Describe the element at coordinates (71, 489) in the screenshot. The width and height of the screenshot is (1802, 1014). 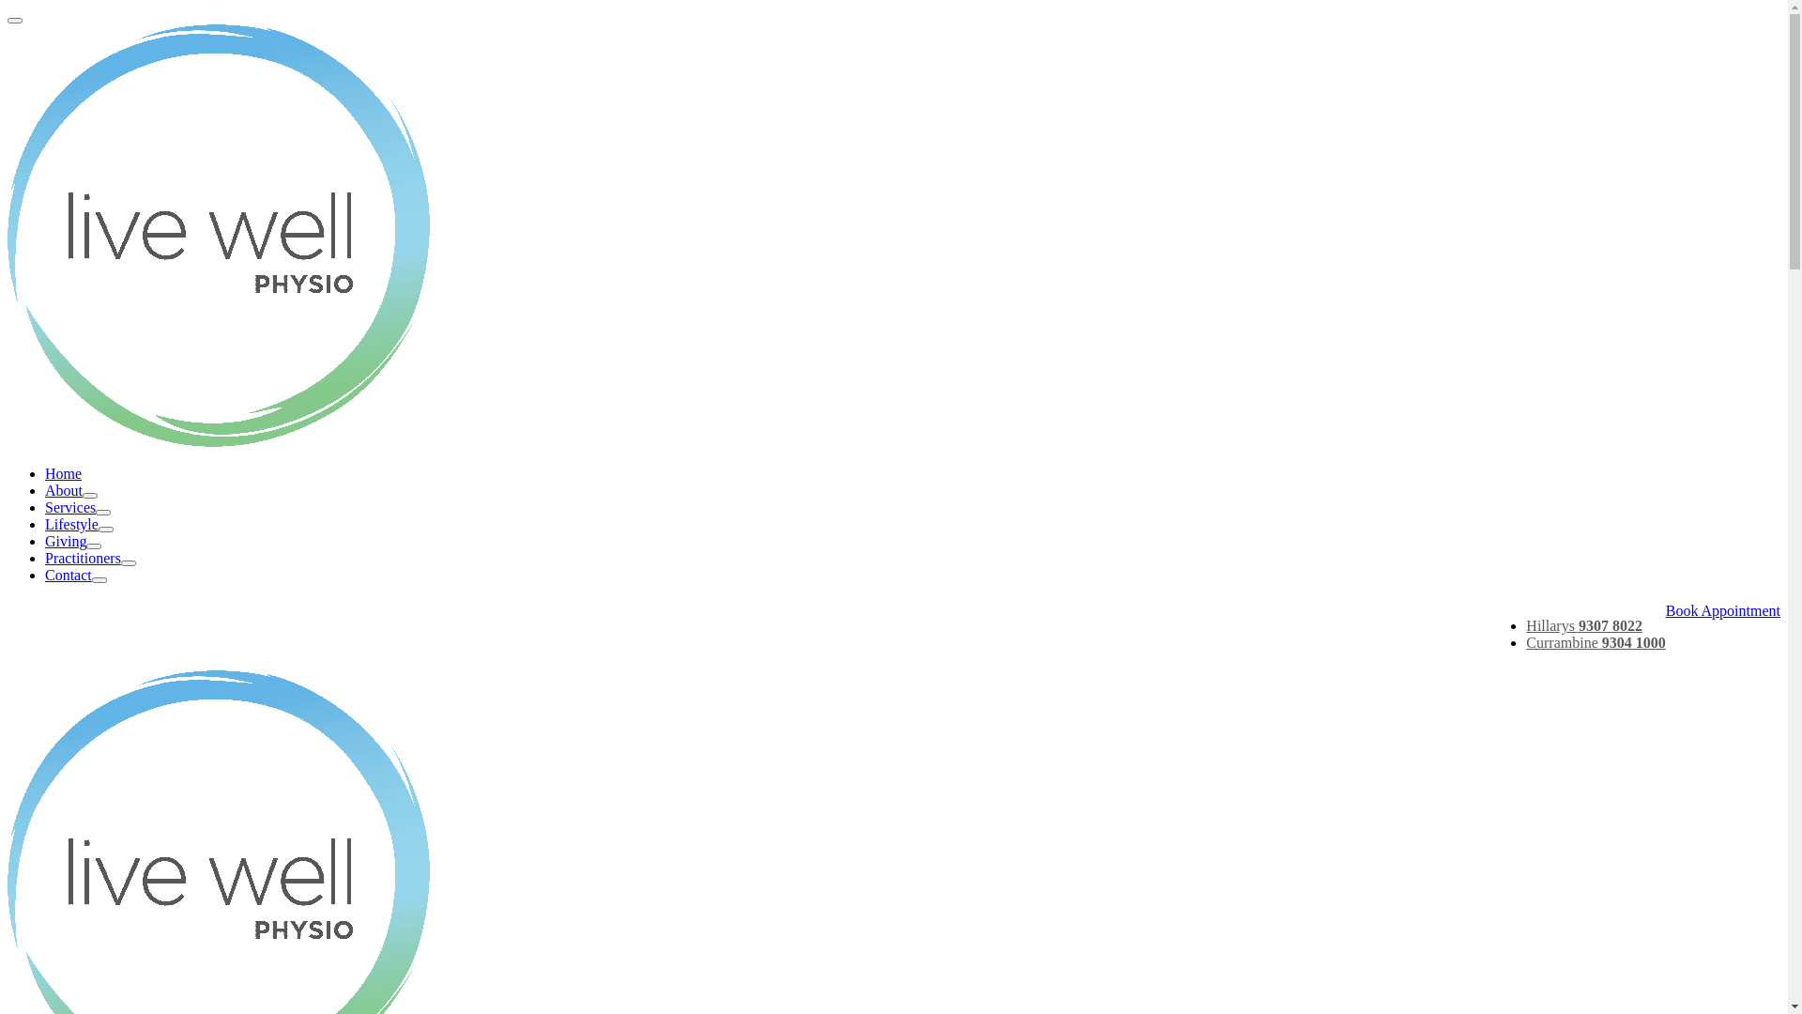
I see `'About'` at that location.